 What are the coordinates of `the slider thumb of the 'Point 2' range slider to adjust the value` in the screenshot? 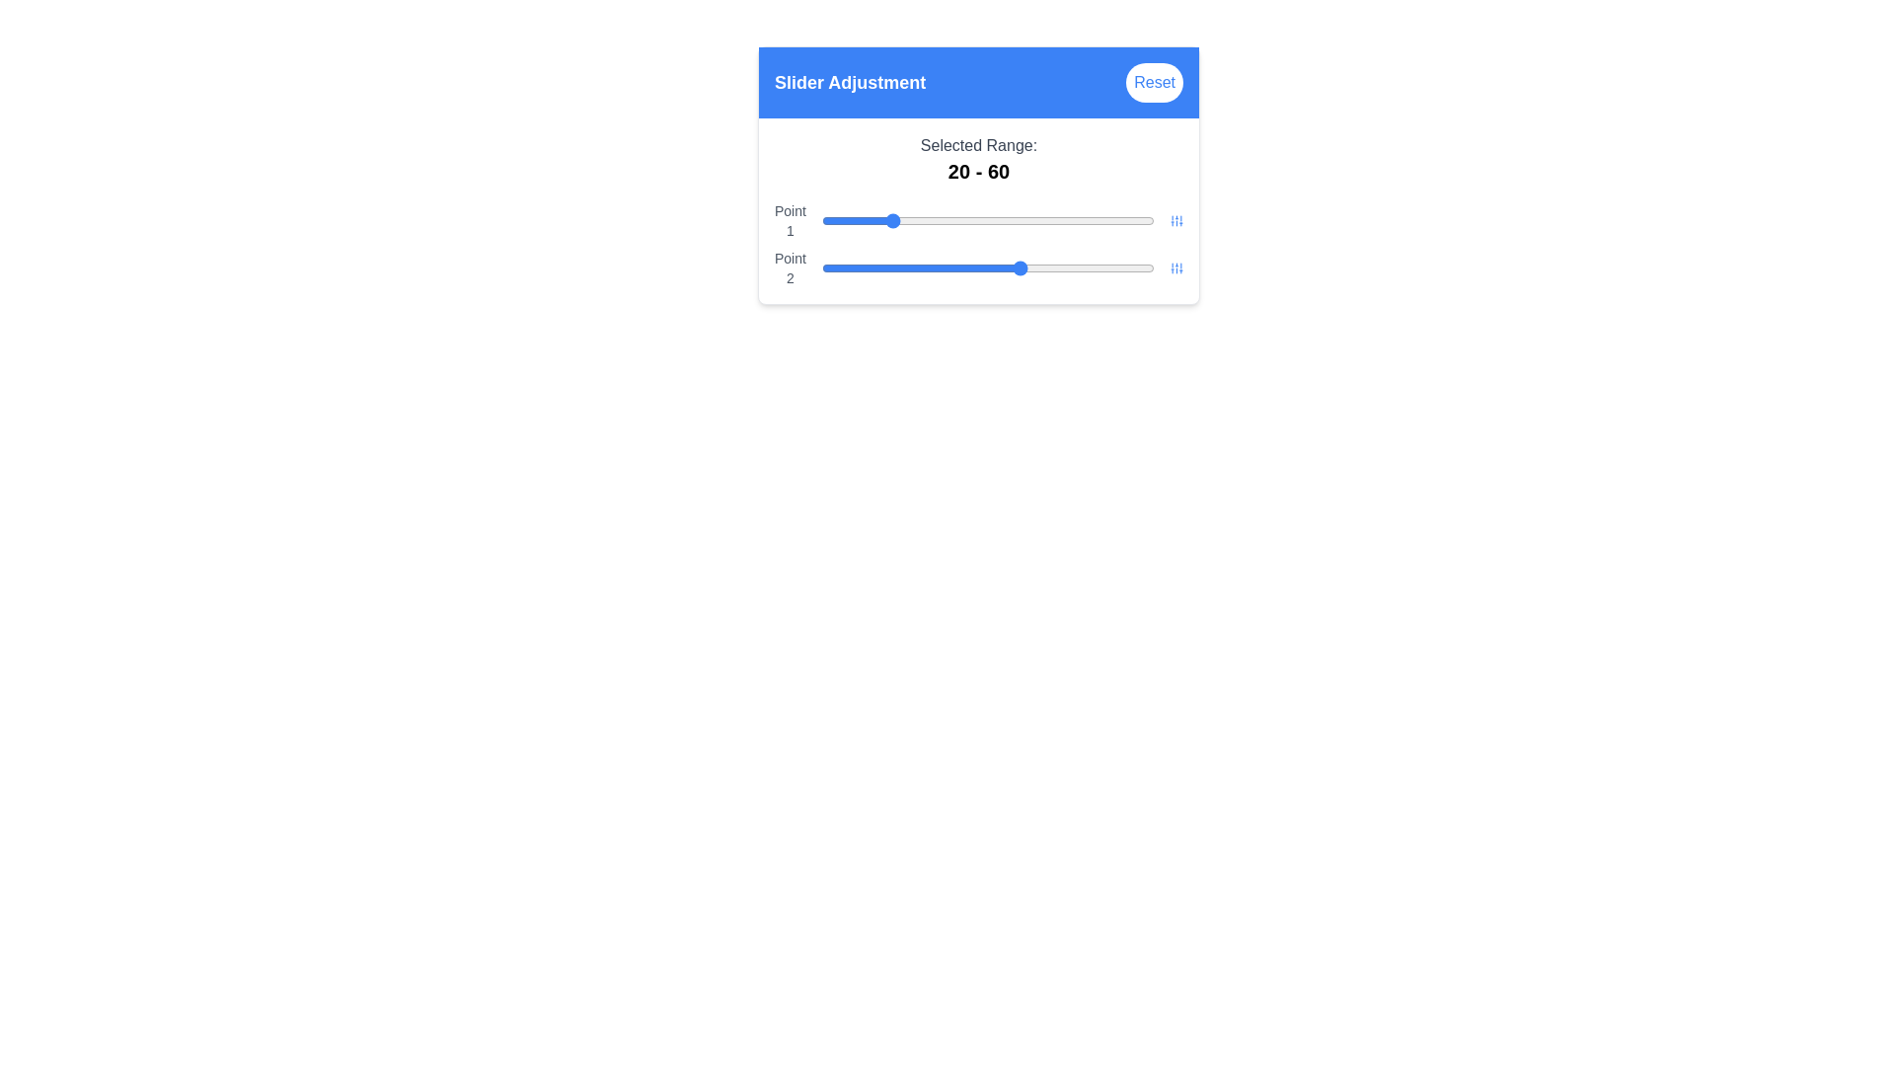 It's located at (979, 268).